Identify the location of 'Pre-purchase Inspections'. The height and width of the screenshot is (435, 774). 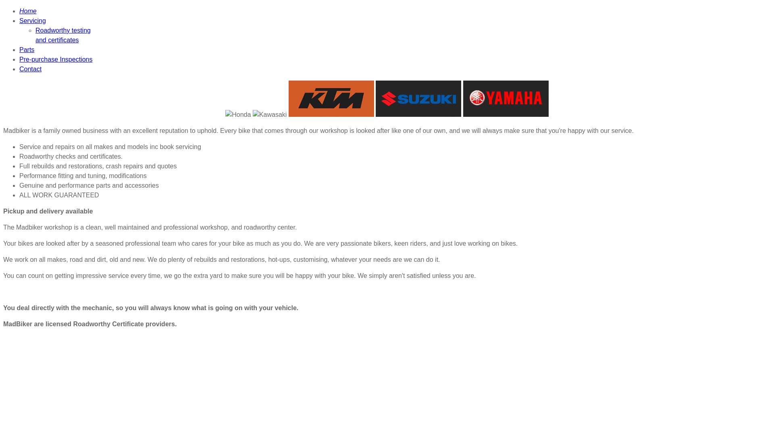
(55, 59).